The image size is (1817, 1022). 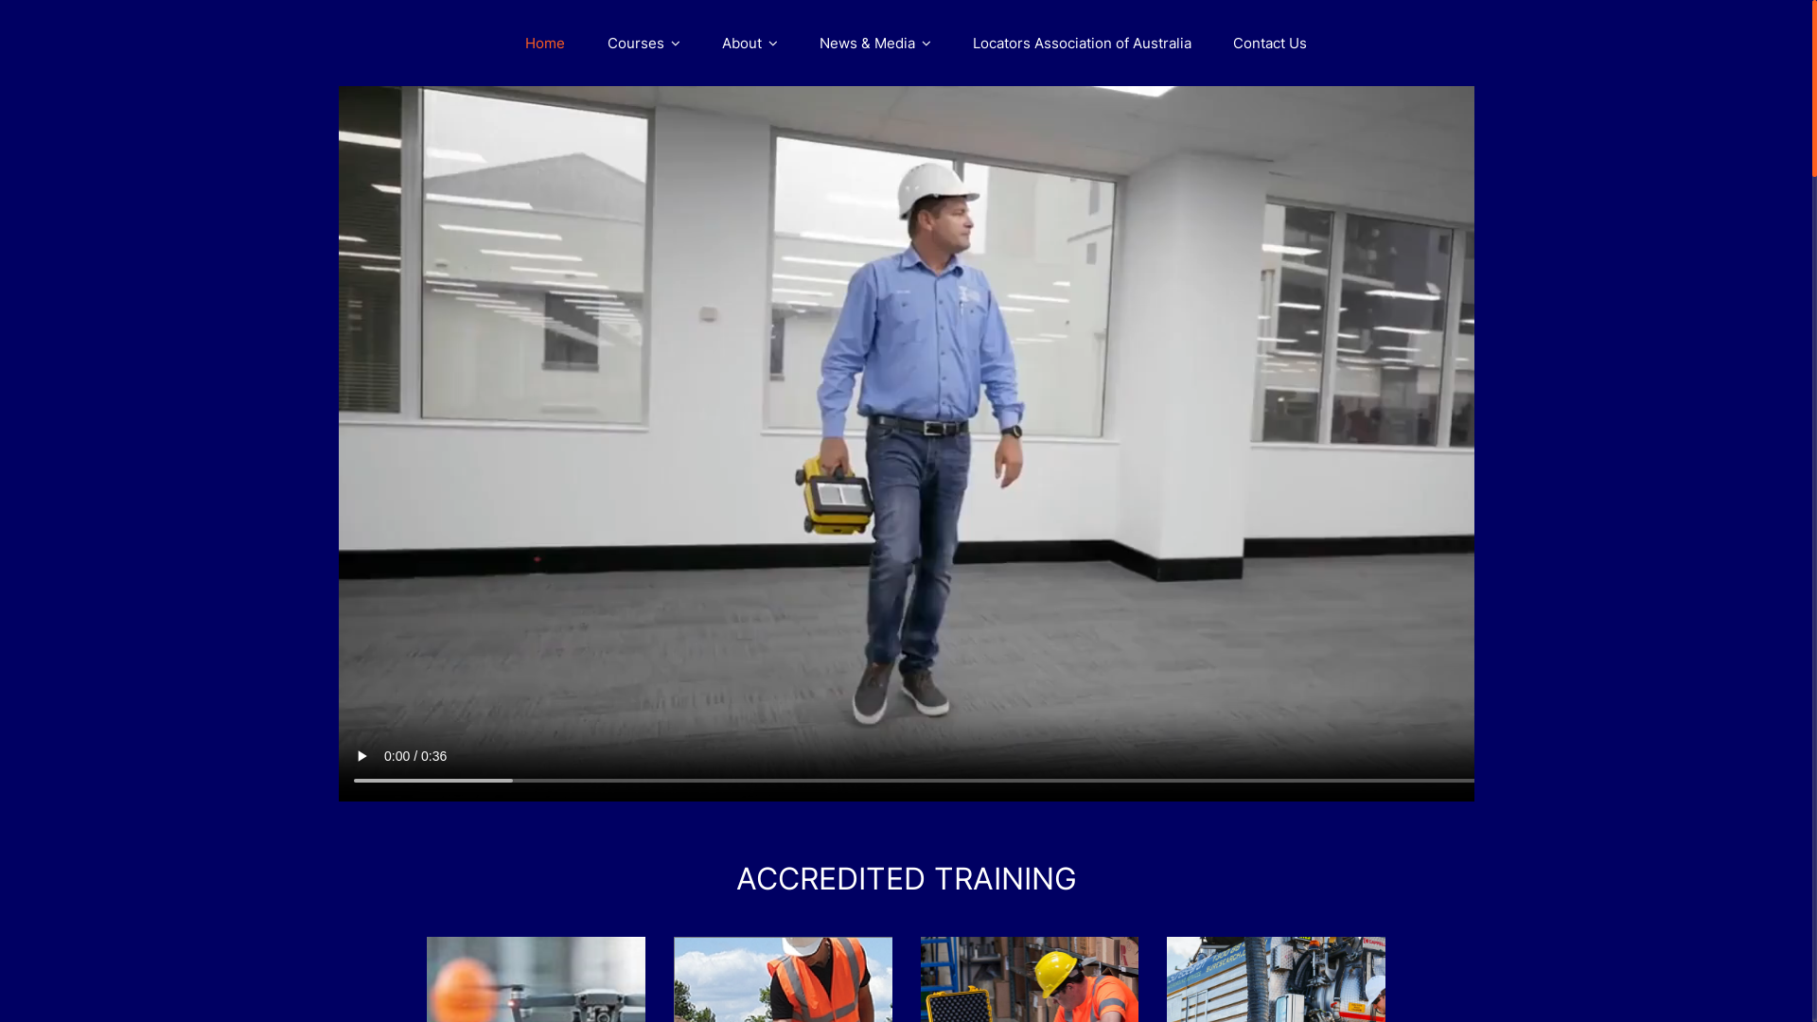 I want to click on 'Locators Association of Australia', so click(x=1082, y=43).